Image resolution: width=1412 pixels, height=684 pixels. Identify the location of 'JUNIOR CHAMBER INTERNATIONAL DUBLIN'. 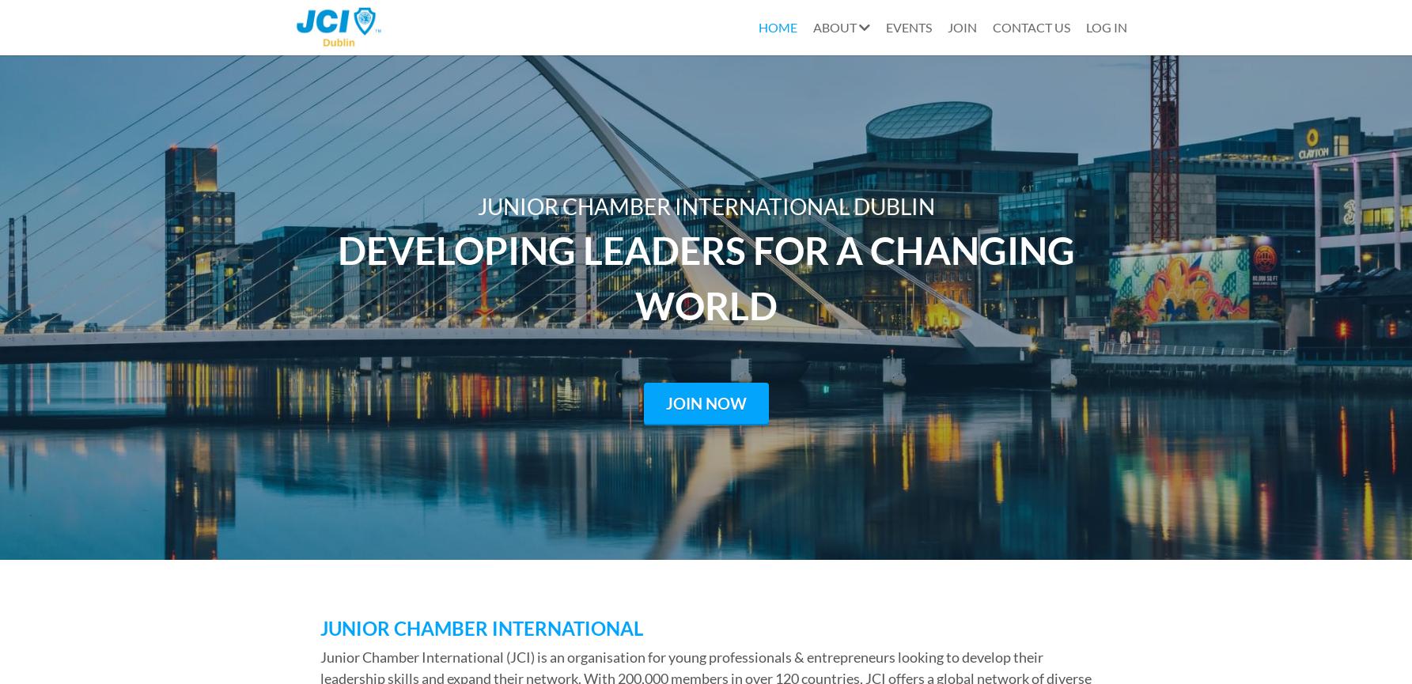
(705, 205).